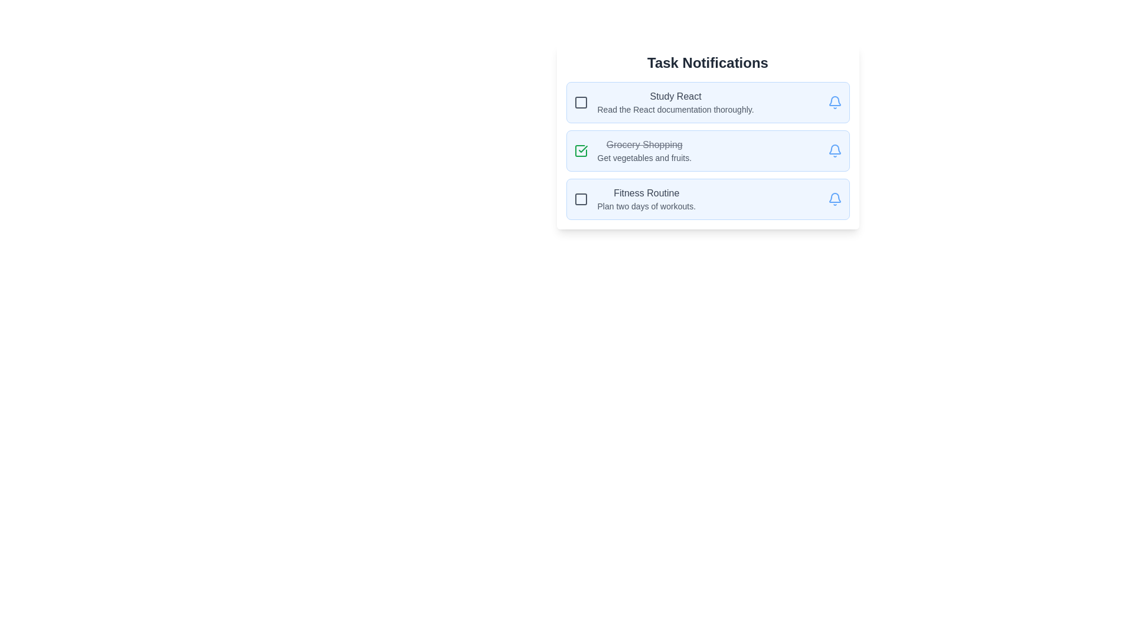 The image size is (1134, 637). Describe the element at coordinates (708, 199) in the screenshot. I see `the 'Fitness Routine' task item in the to-do list` at that location.